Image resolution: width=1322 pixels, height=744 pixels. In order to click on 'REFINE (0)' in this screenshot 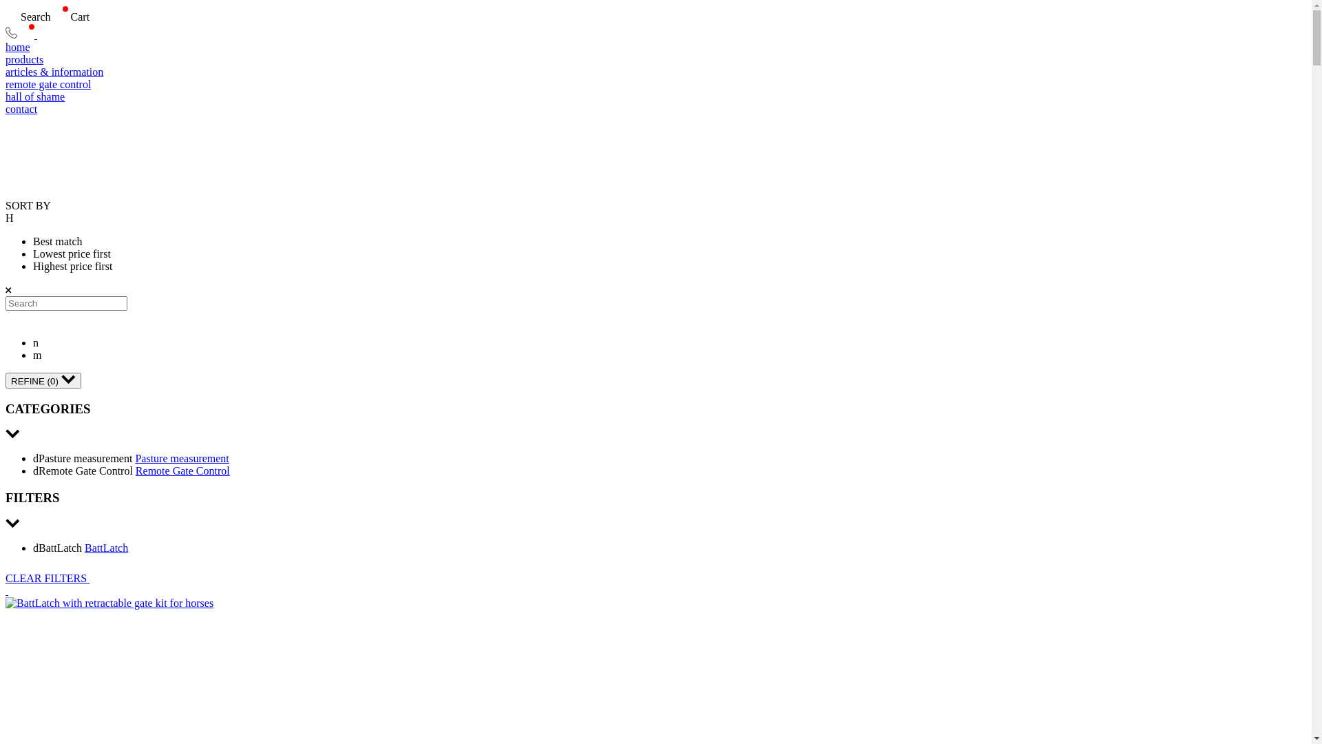, I will do `click(43, 380)`.